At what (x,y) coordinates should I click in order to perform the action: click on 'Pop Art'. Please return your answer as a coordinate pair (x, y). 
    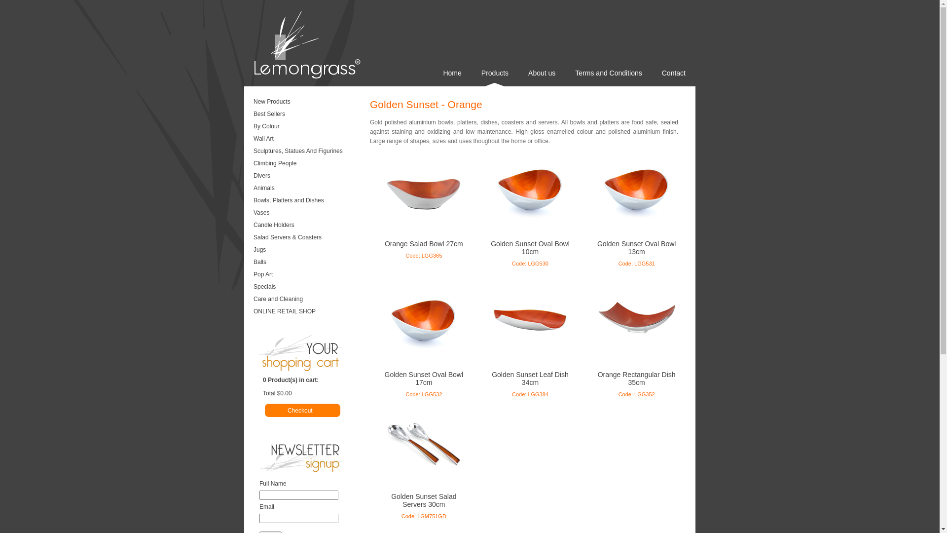
    Looking at the image, I should click on (305, 275).